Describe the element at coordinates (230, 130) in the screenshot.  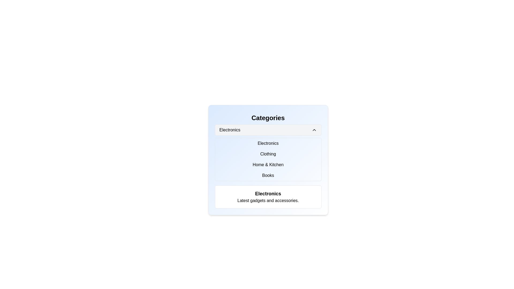
I see `the static text label that displays the currently selected category in the dropdown menu, located in the upper section of the 'Categories' panel` at that location.